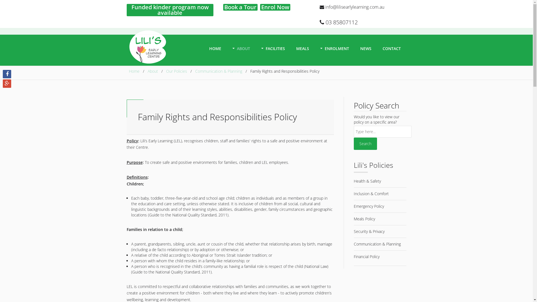  What do you see at coordinates (215, 47) in the screenshot?
I see `'HOME'` at bounding box center [215, 47].